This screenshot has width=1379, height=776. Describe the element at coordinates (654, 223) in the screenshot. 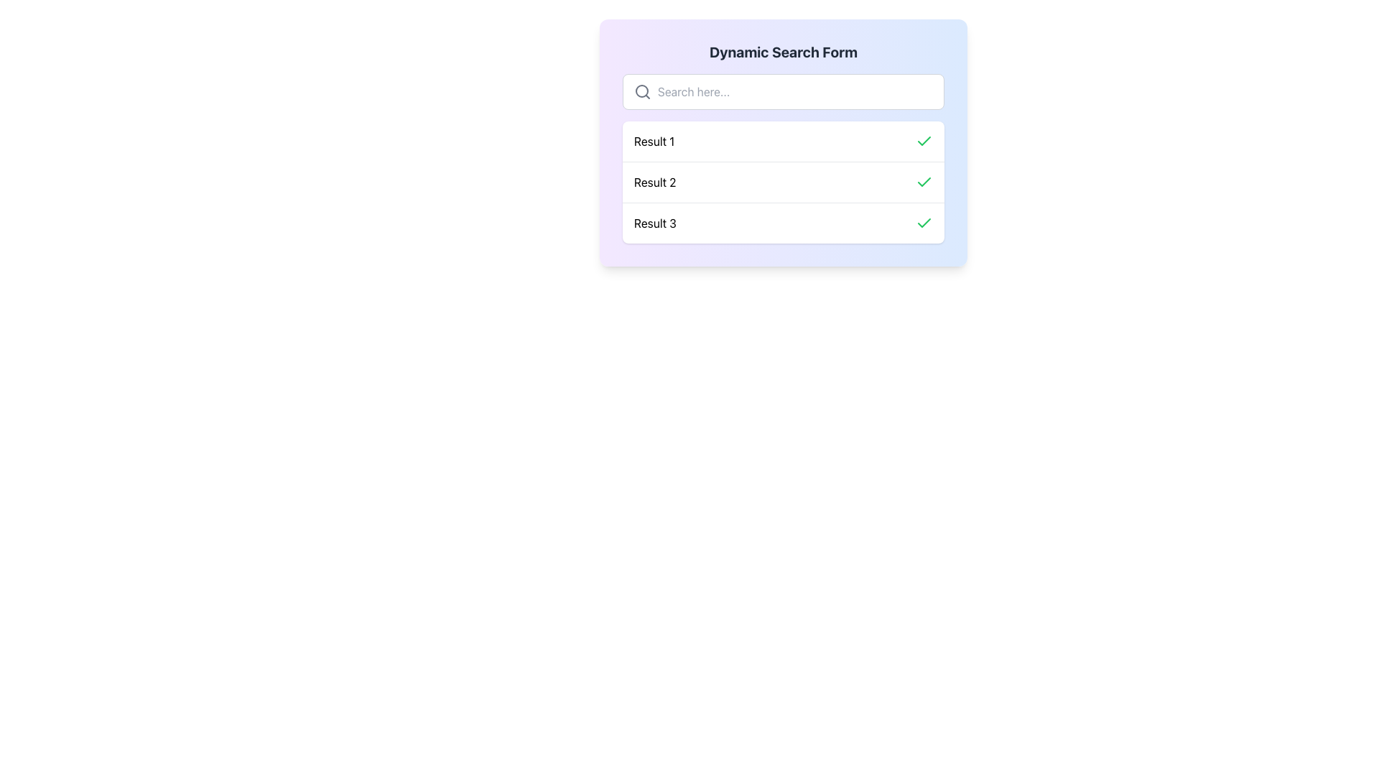

I see `displayed text of the Static Text Label that shows 'Result 3', located in the third position of a vertically arranged list` at that location.